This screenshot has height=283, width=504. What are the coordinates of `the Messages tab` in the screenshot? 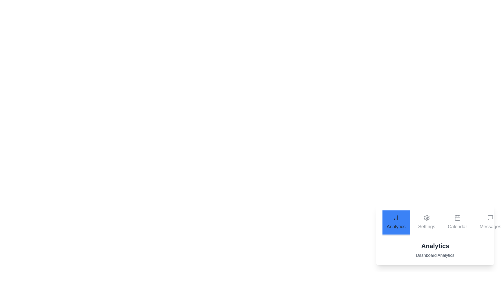 It's located at (490, 223).